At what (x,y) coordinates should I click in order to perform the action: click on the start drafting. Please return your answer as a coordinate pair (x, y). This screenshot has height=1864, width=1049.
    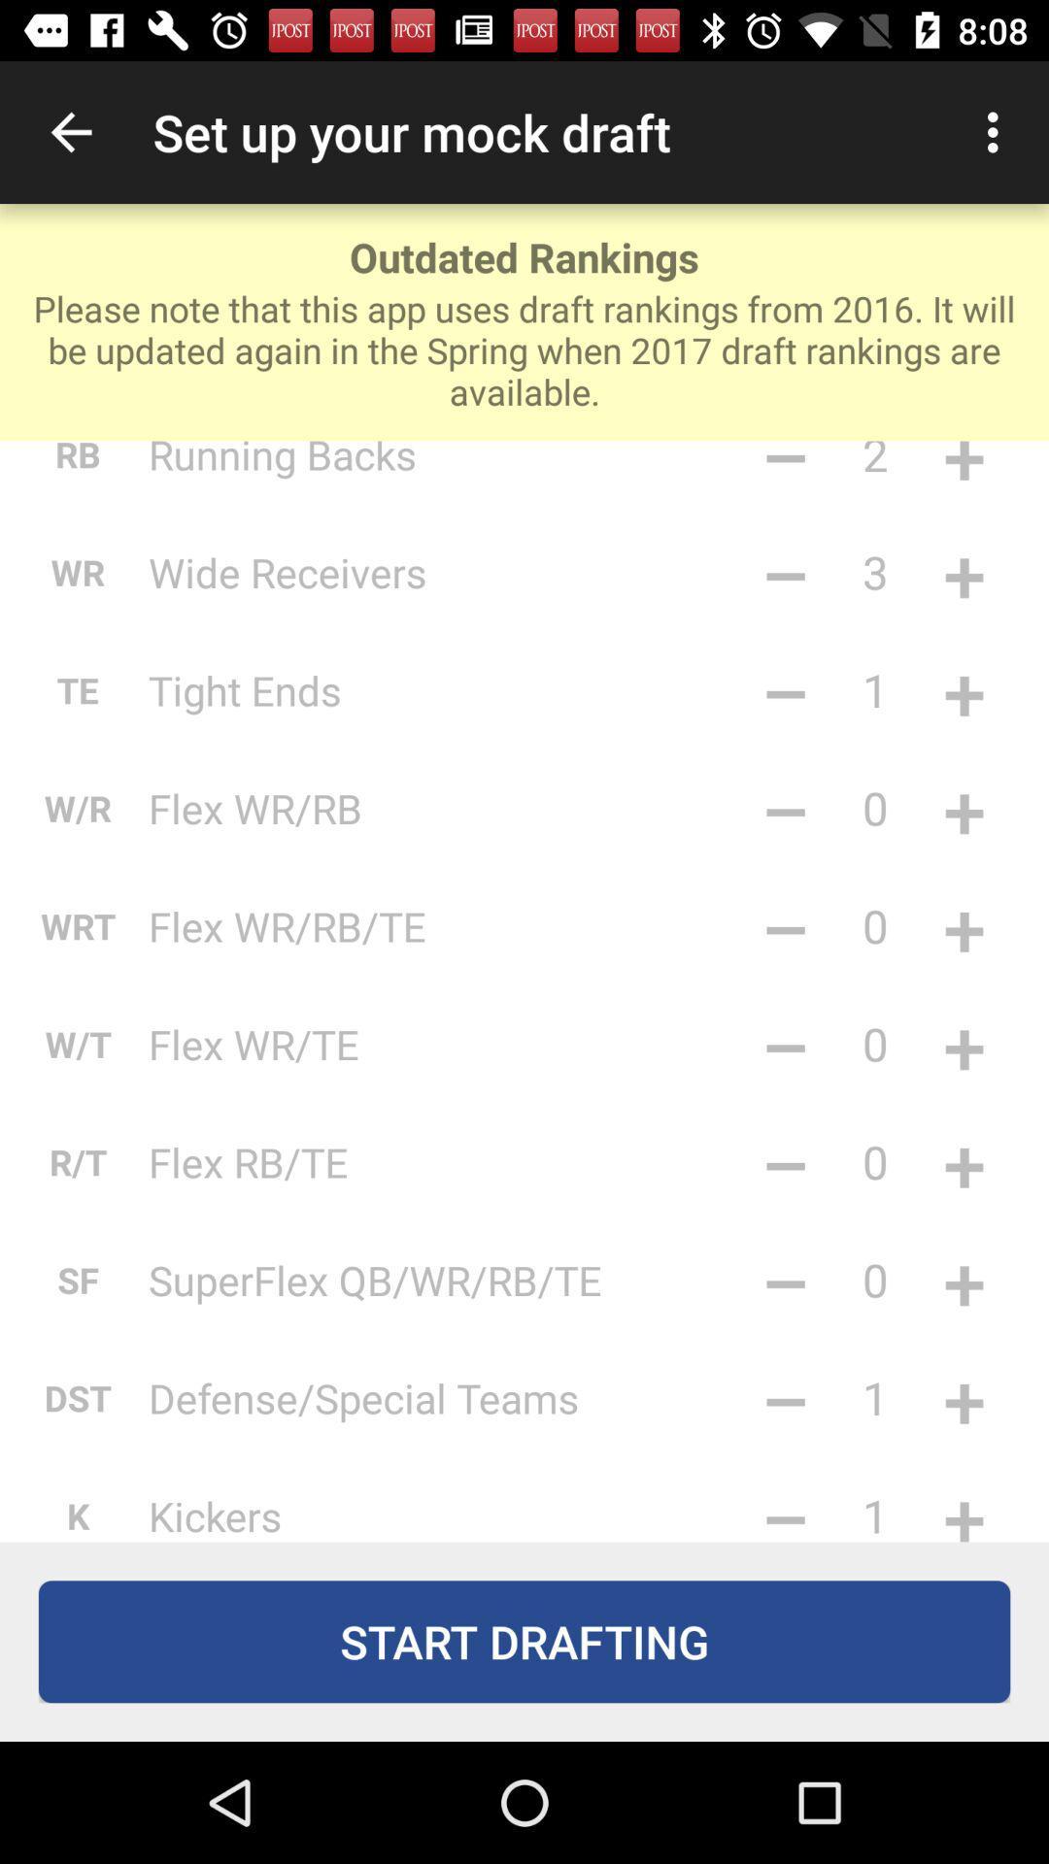
    Looking at the image, I should click on (524, 1641).